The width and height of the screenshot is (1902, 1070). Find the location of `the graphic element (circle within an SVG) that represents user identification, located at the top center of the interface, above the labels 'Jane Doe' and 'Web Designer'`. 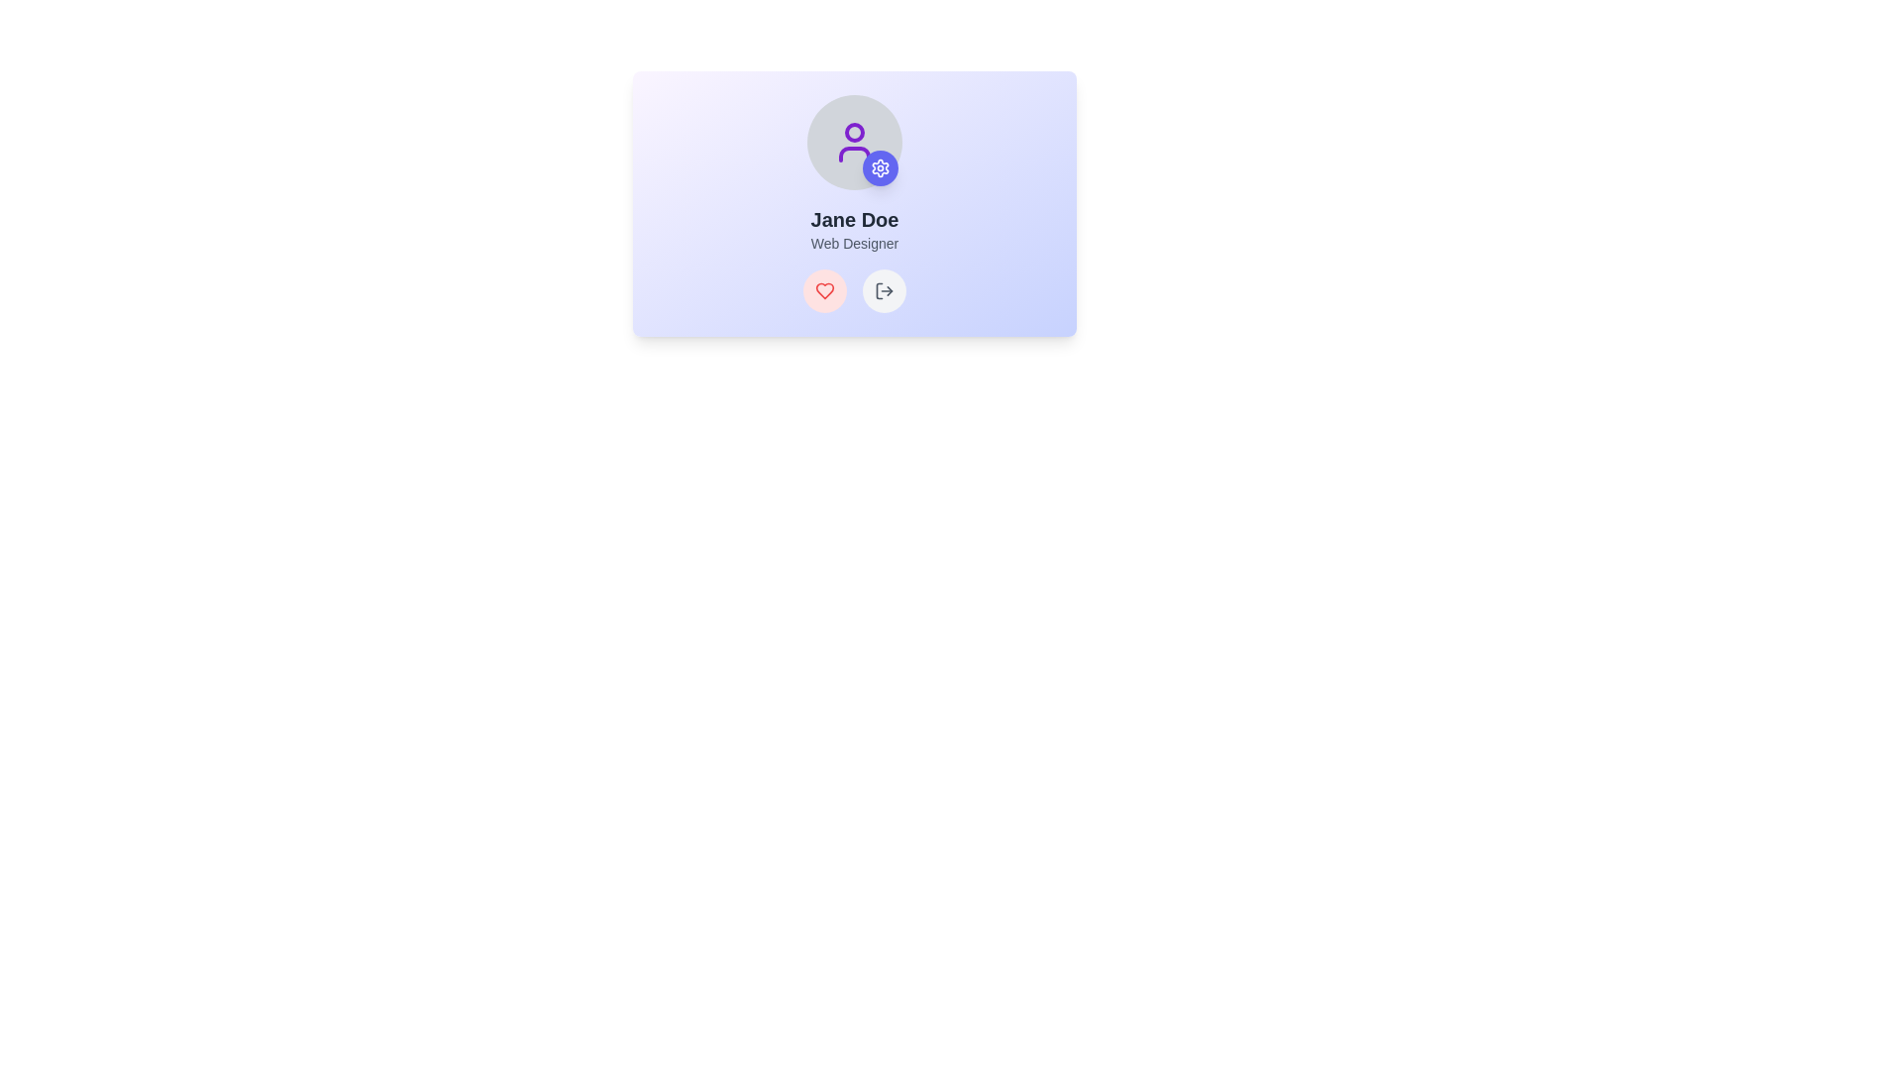

the graphic element (circle within an SVG) that represents user identification, located at the top center of the interface, above the labels 'Jane Doe' and 'Web Designer' is located at coordinates (855, 133).